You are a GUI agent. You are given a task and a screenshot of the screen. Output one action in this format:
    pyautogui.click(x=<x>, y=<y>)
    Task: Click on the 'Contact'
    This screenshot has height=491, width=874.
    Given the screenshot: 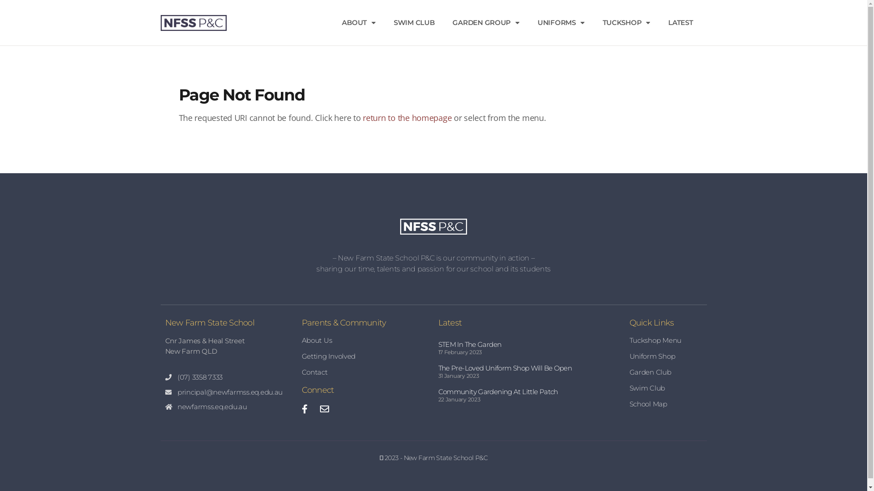 What is the action you would take?
    pyautogui.click(x=365, y=372)
    